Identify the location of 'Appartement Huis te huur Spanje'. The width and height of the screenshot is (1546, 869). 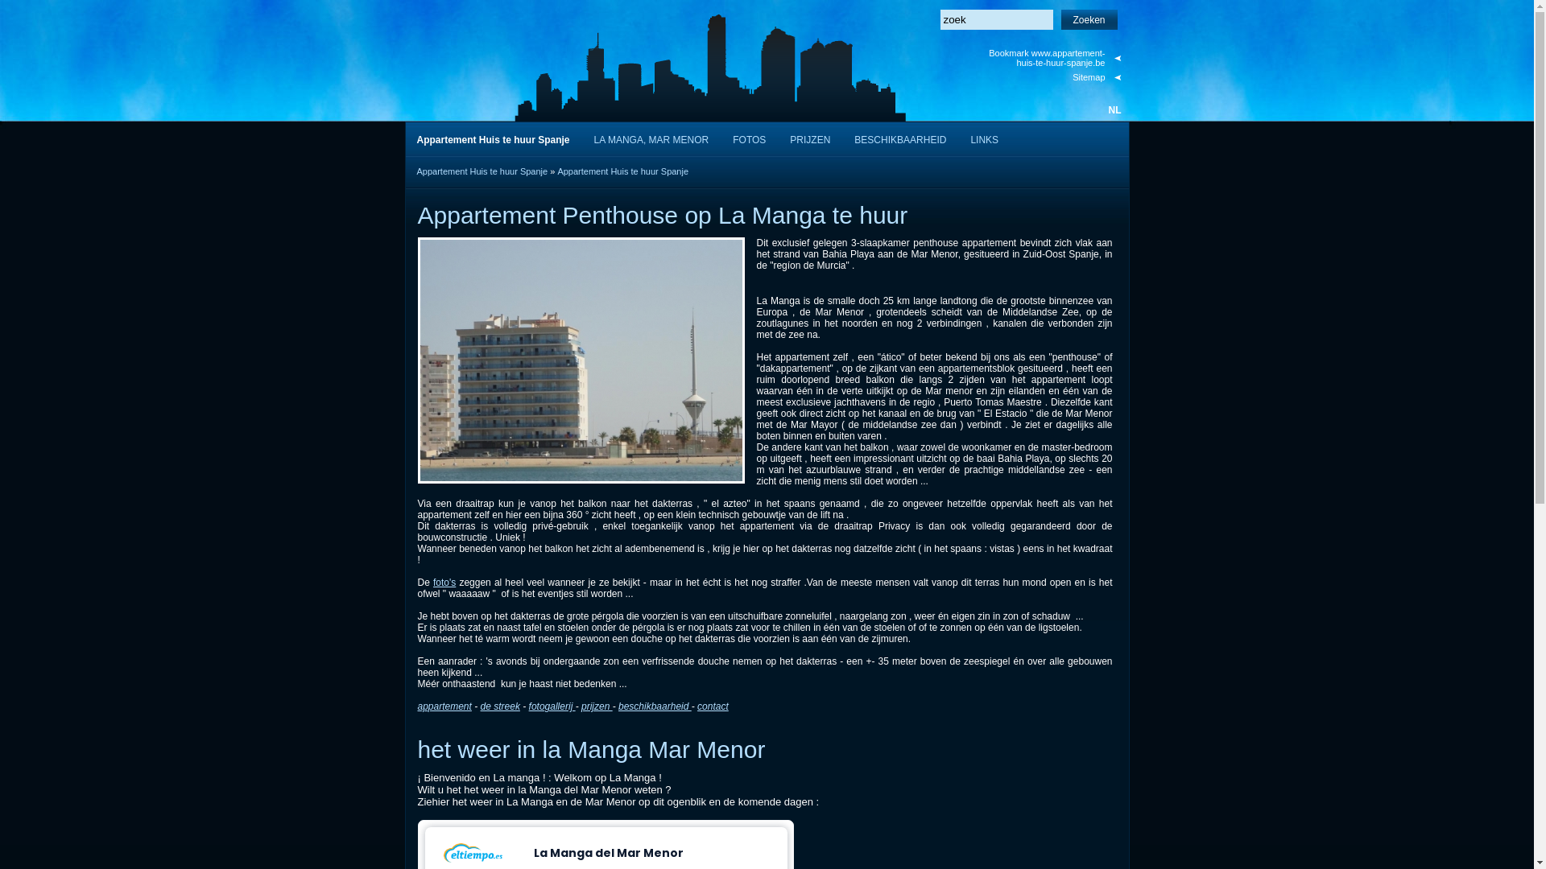
(622, 171).